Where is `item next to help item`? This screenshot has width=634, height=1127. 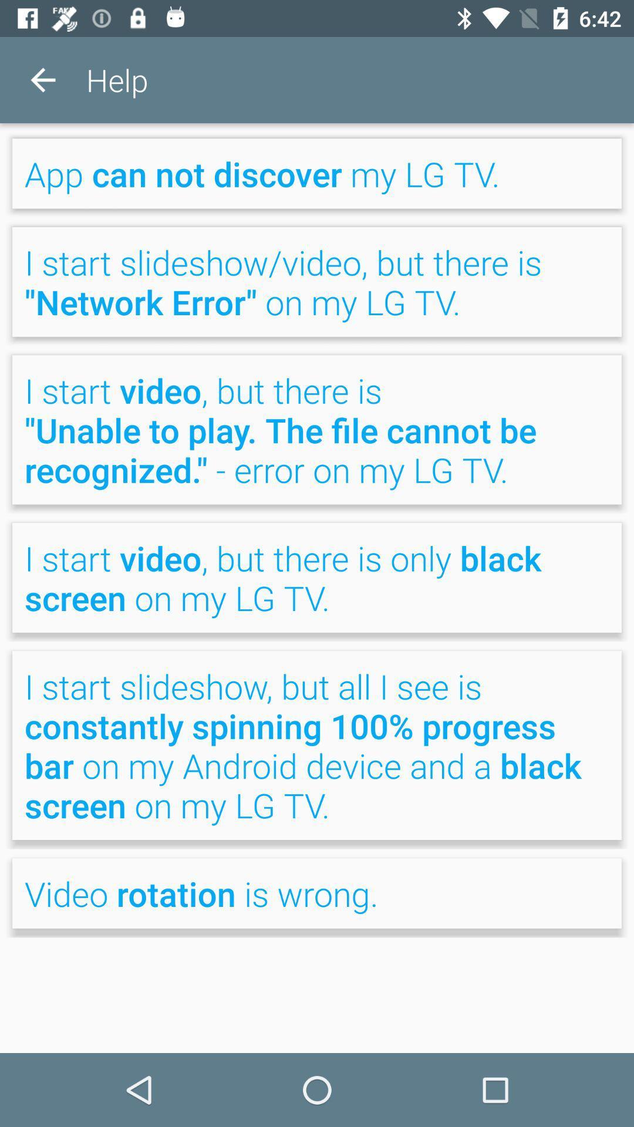 item next to help item is located at coordinates (42, 79).